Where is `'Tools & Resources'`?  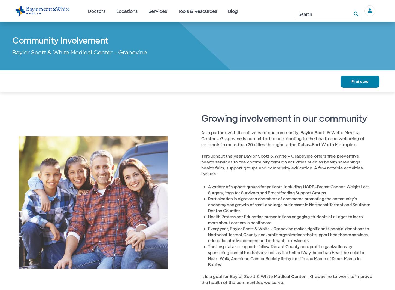
'Tools & Resources' is located at coordinates (197, 11).